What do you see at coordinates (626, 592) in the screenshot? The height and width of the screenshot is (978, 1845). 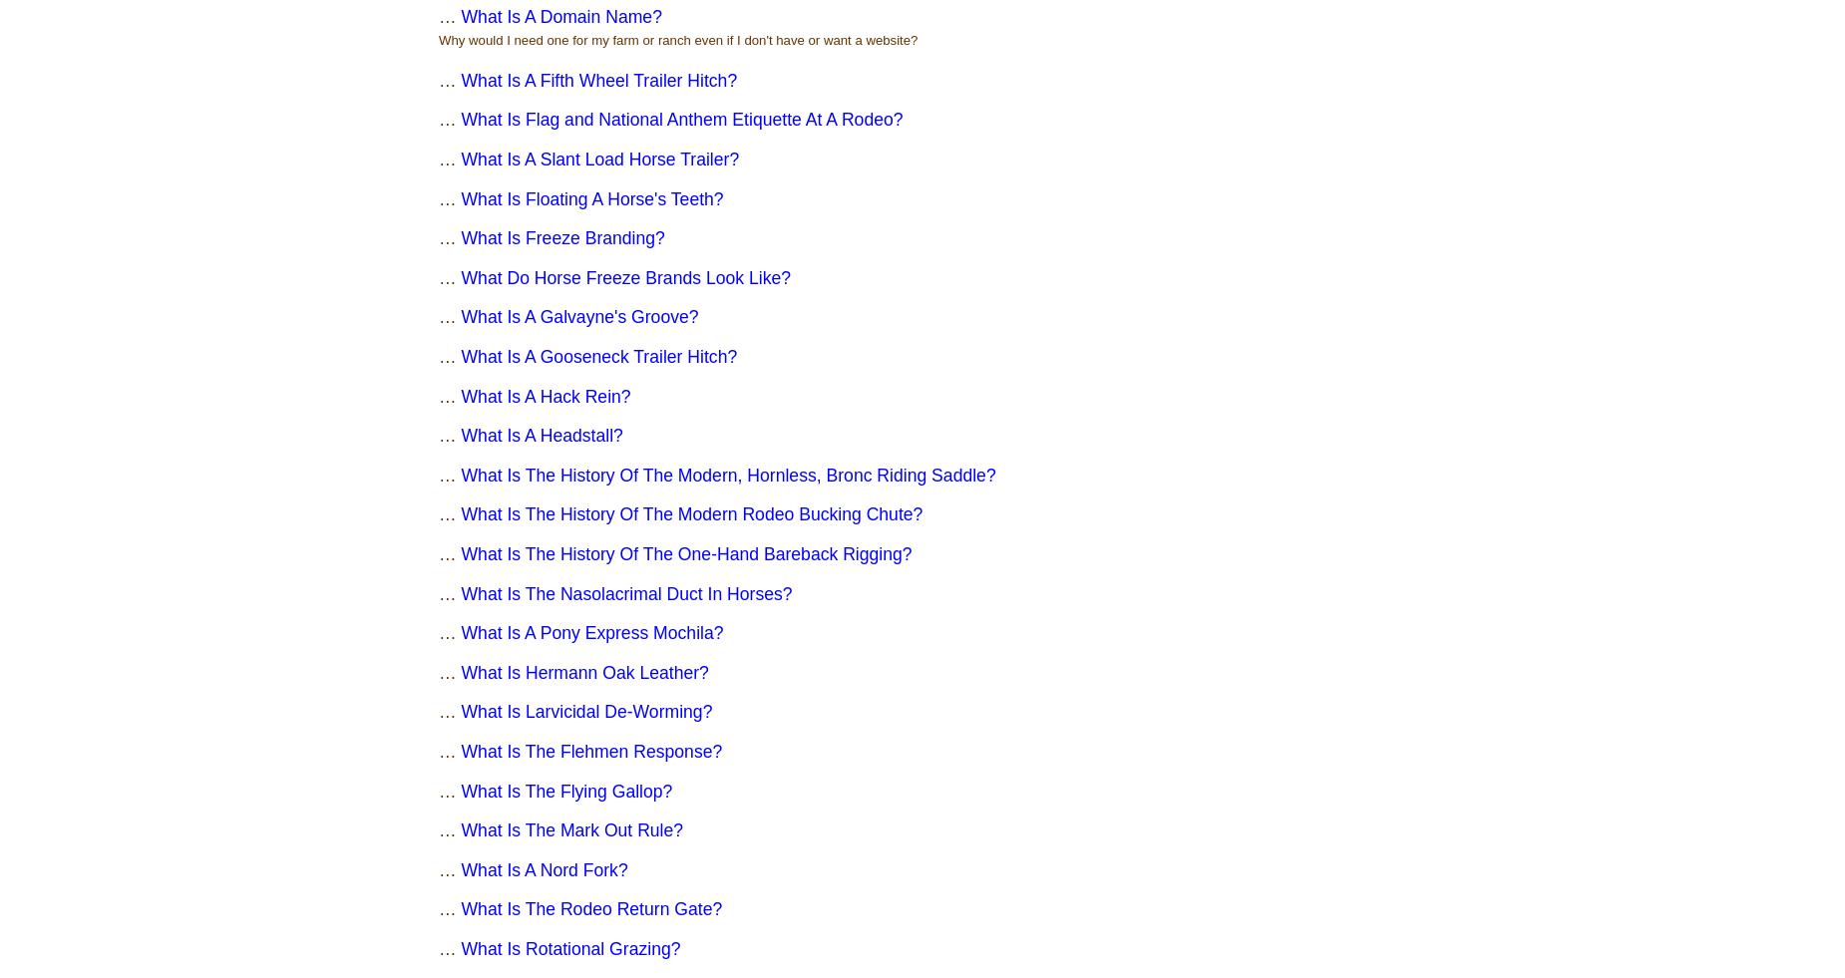 I see `'What Is The Nasolacrimal Duct In Horses?'` at bounding box center [626, 592].